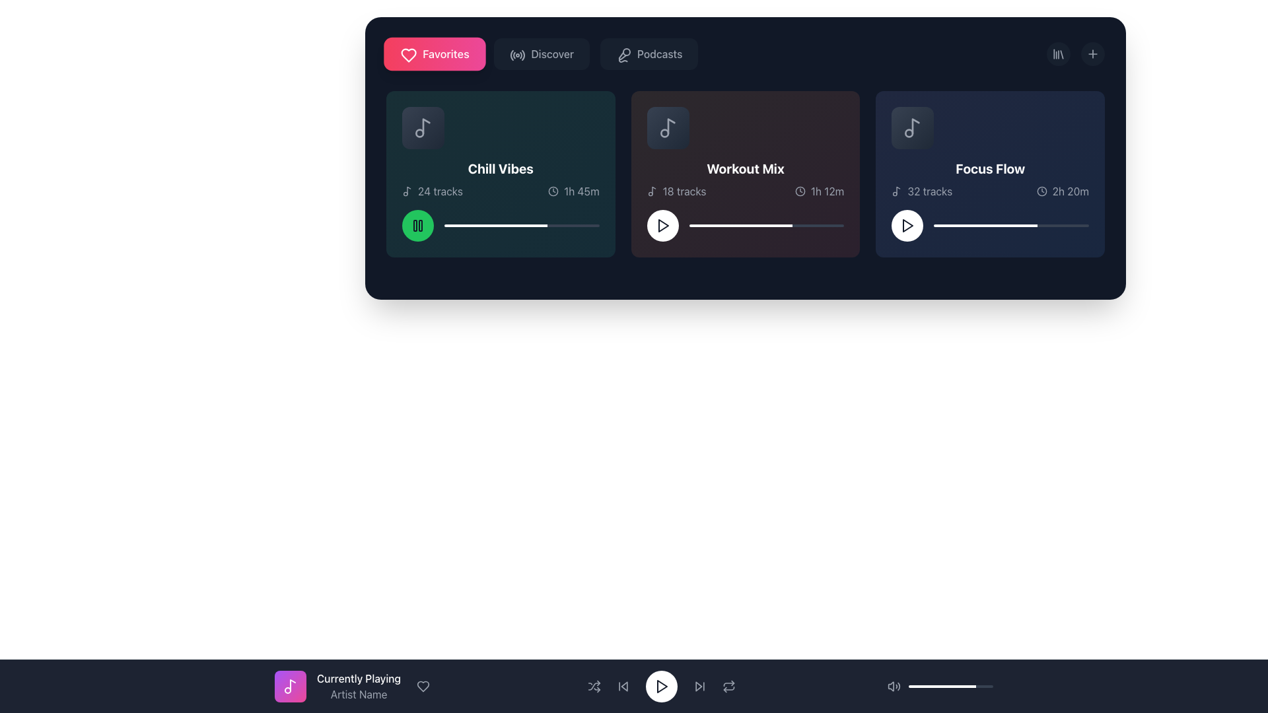  I want to click on the slider, so click(776, 225).